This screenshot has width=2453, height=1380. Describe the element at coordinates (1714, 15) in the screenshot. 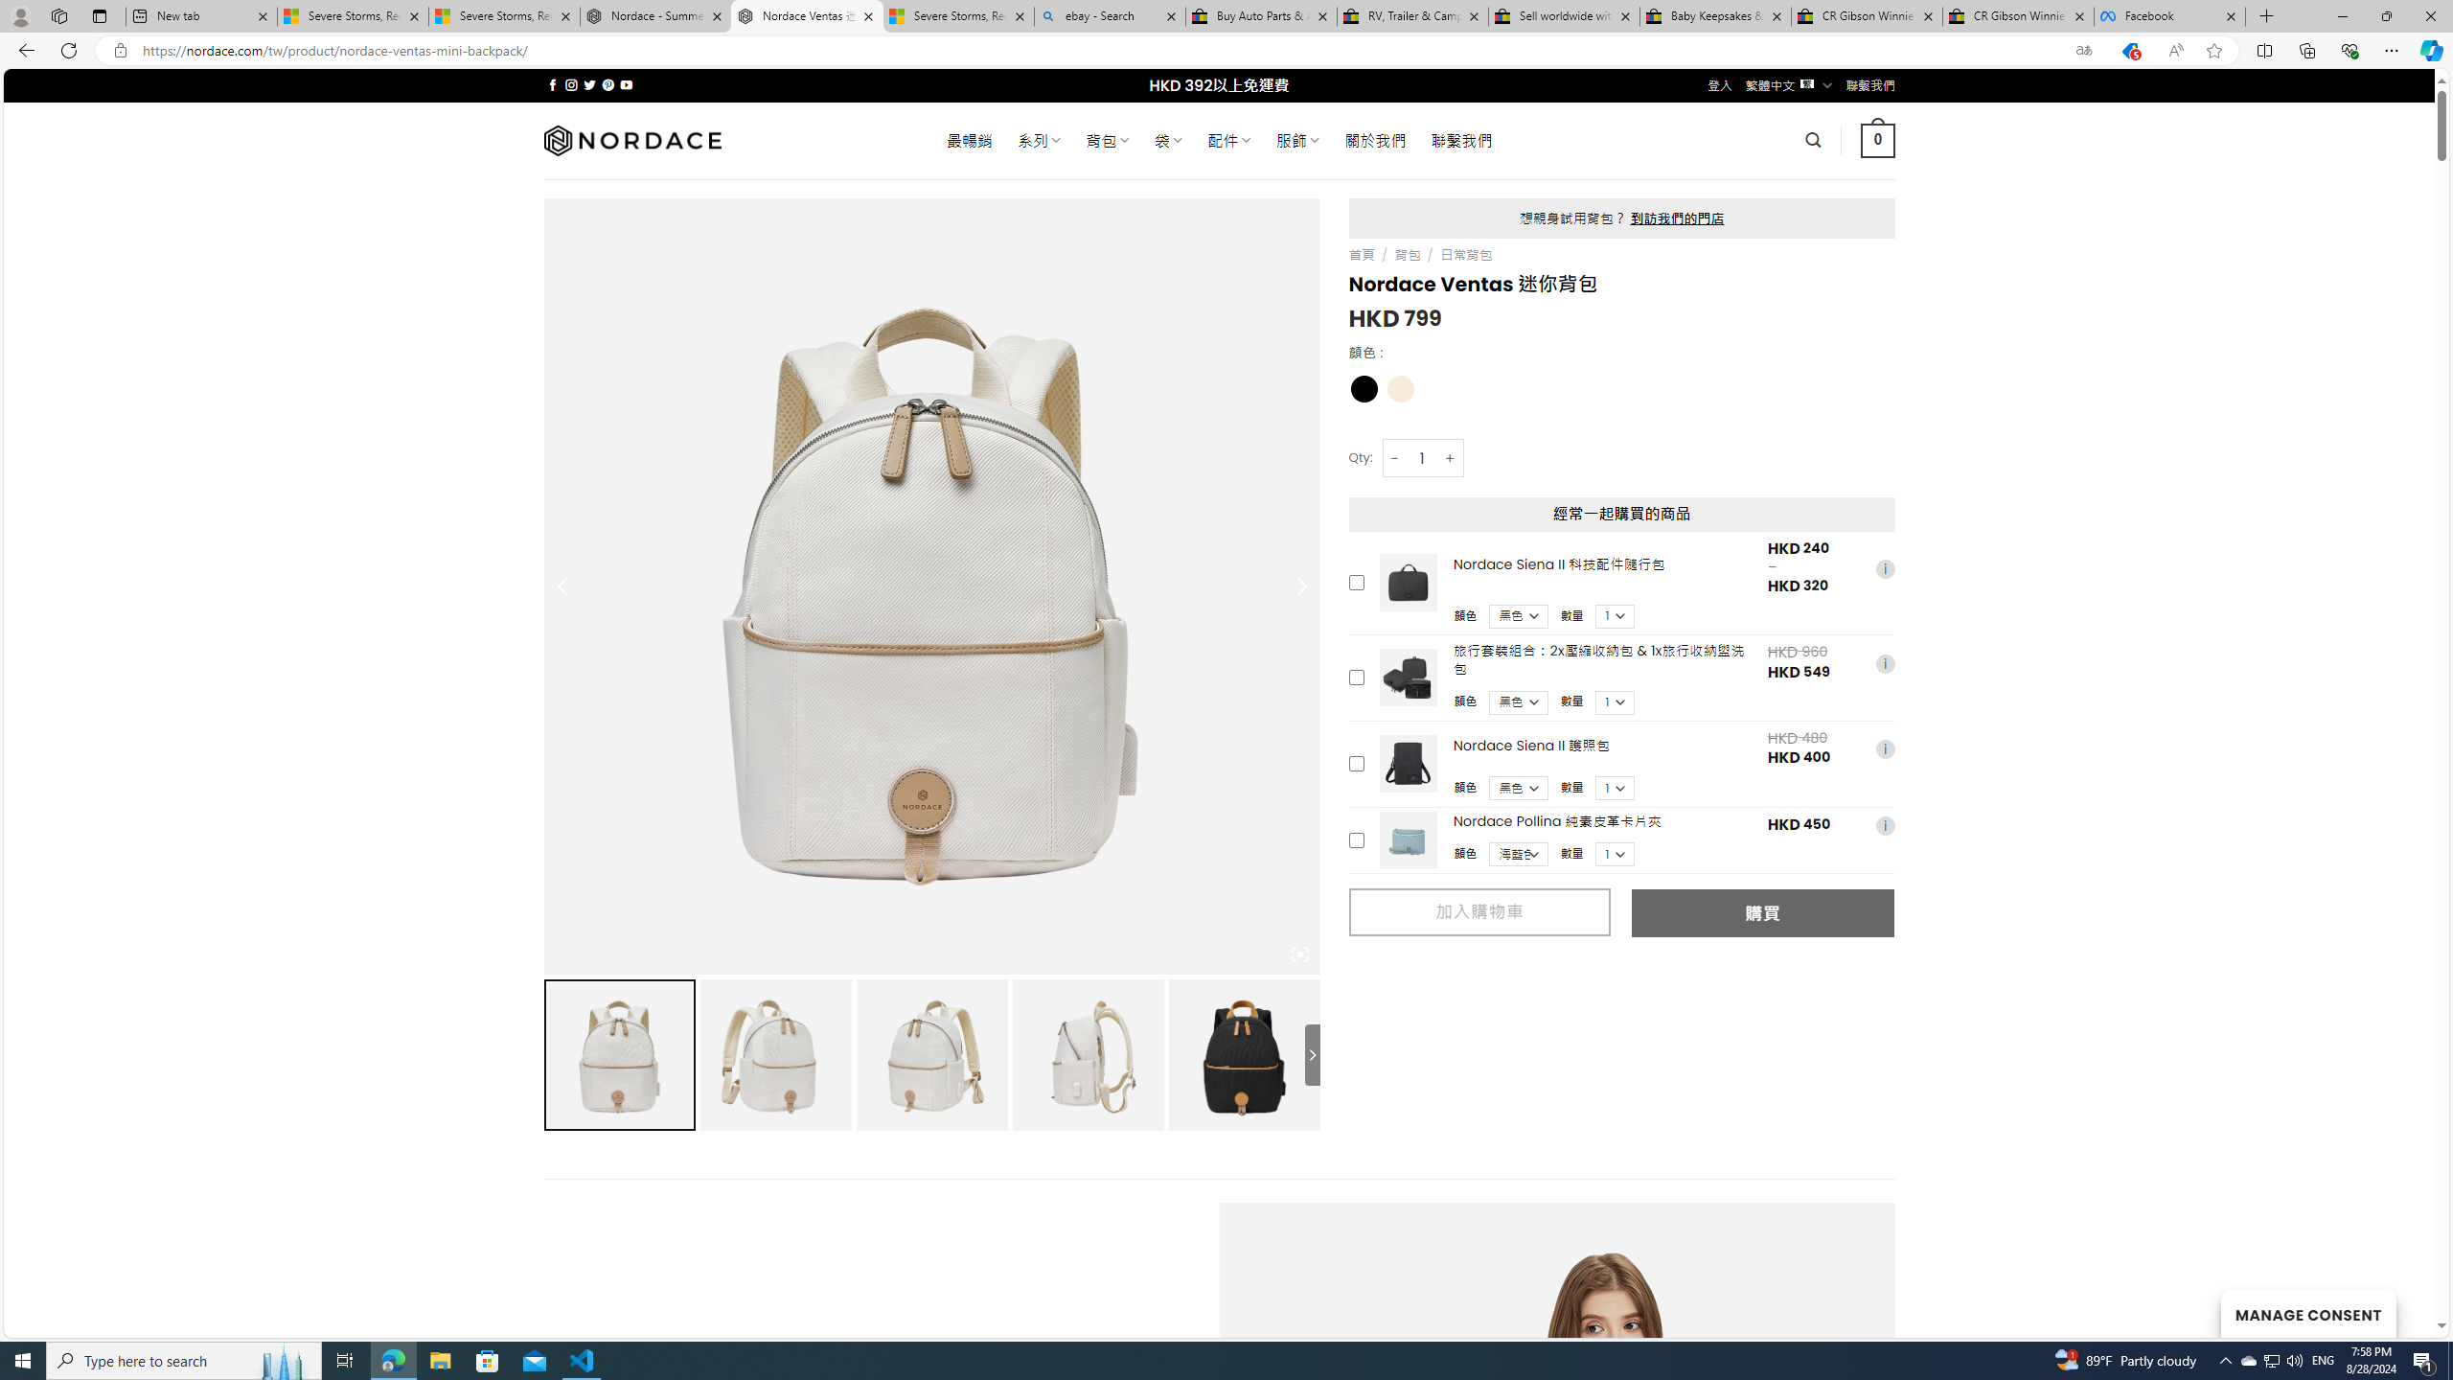

I see `'Baby Keepsakes & Announcements for sale | eBay'` at that location.